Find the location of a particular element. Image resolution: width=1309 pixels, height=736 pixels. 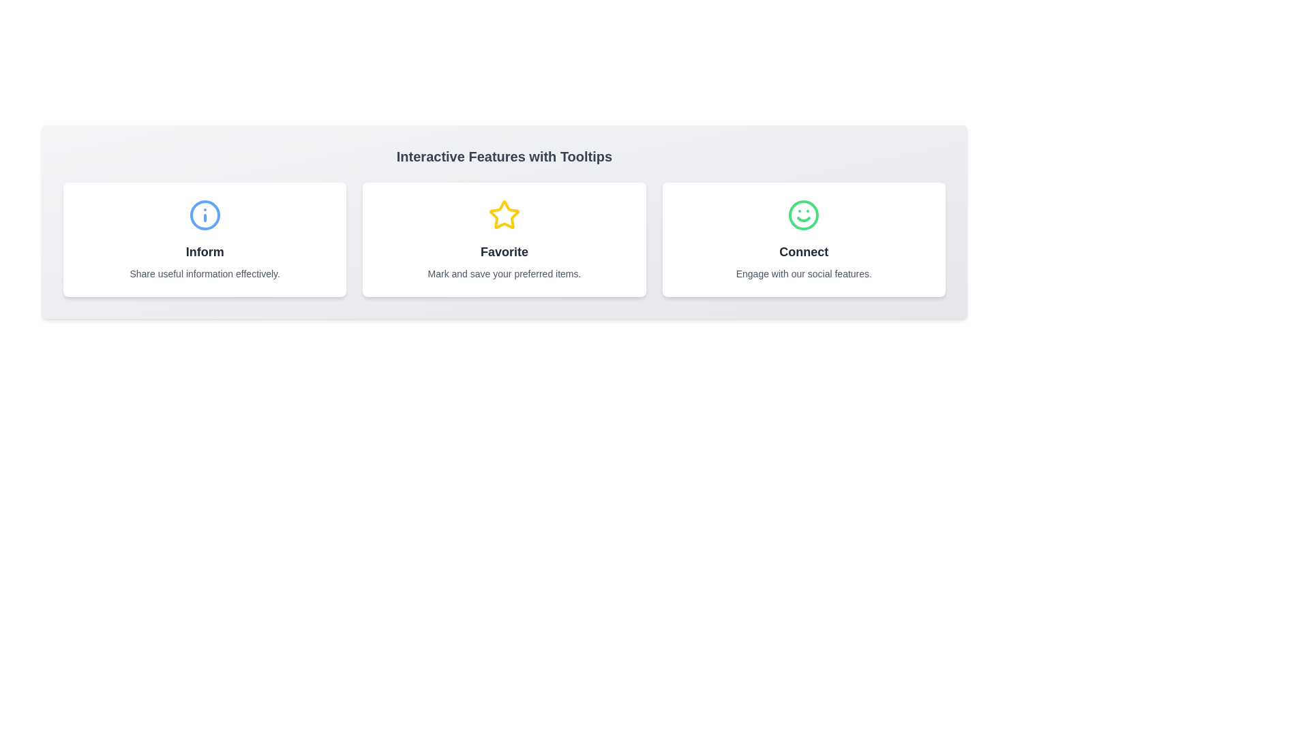

text content of the Text Label located at the bottom part of the 'Connect' card, centered horizontally below the 'Connect' header and the green smiley icon is located at coordinates (804, 273).